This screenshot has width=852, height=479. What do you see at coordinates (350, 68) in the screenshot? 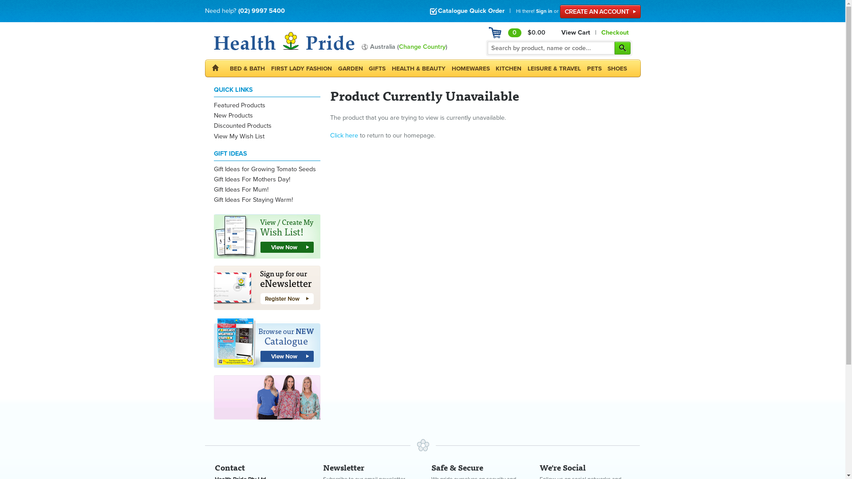
I see `'GARDEN'` at bounding box center [350, 68].